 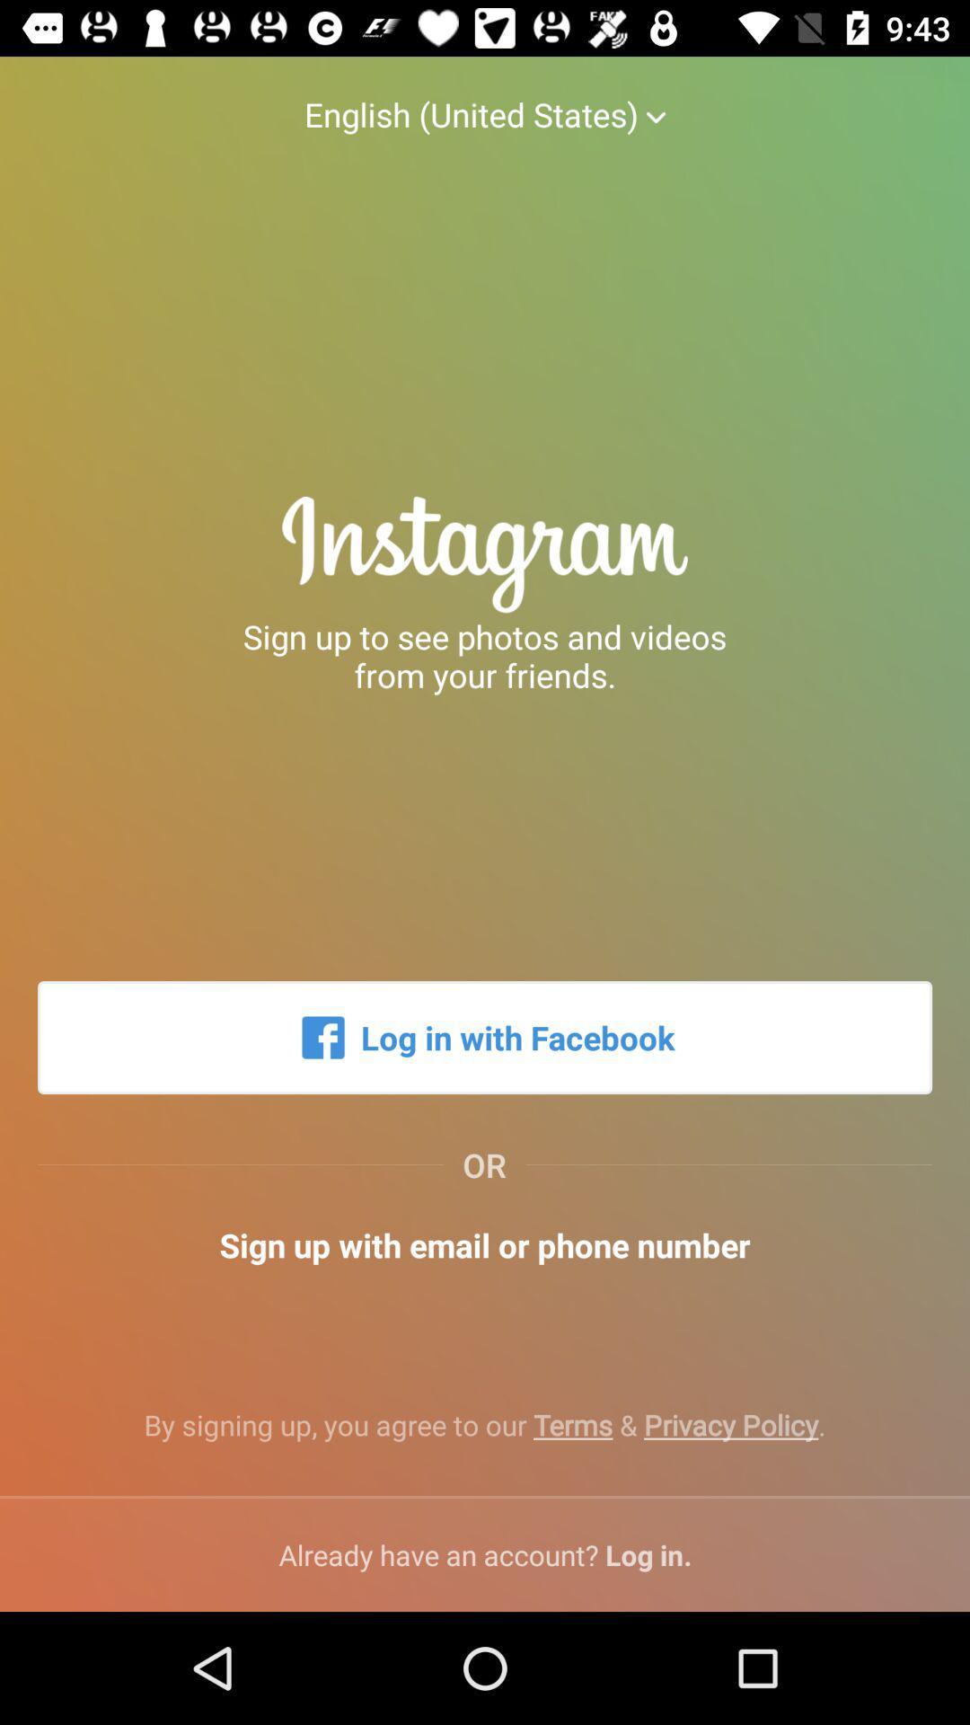 What do you see at coordinates (485, 1439) in the screenshot?
I see `by signing up icon` at bounding box center [485, 1439].